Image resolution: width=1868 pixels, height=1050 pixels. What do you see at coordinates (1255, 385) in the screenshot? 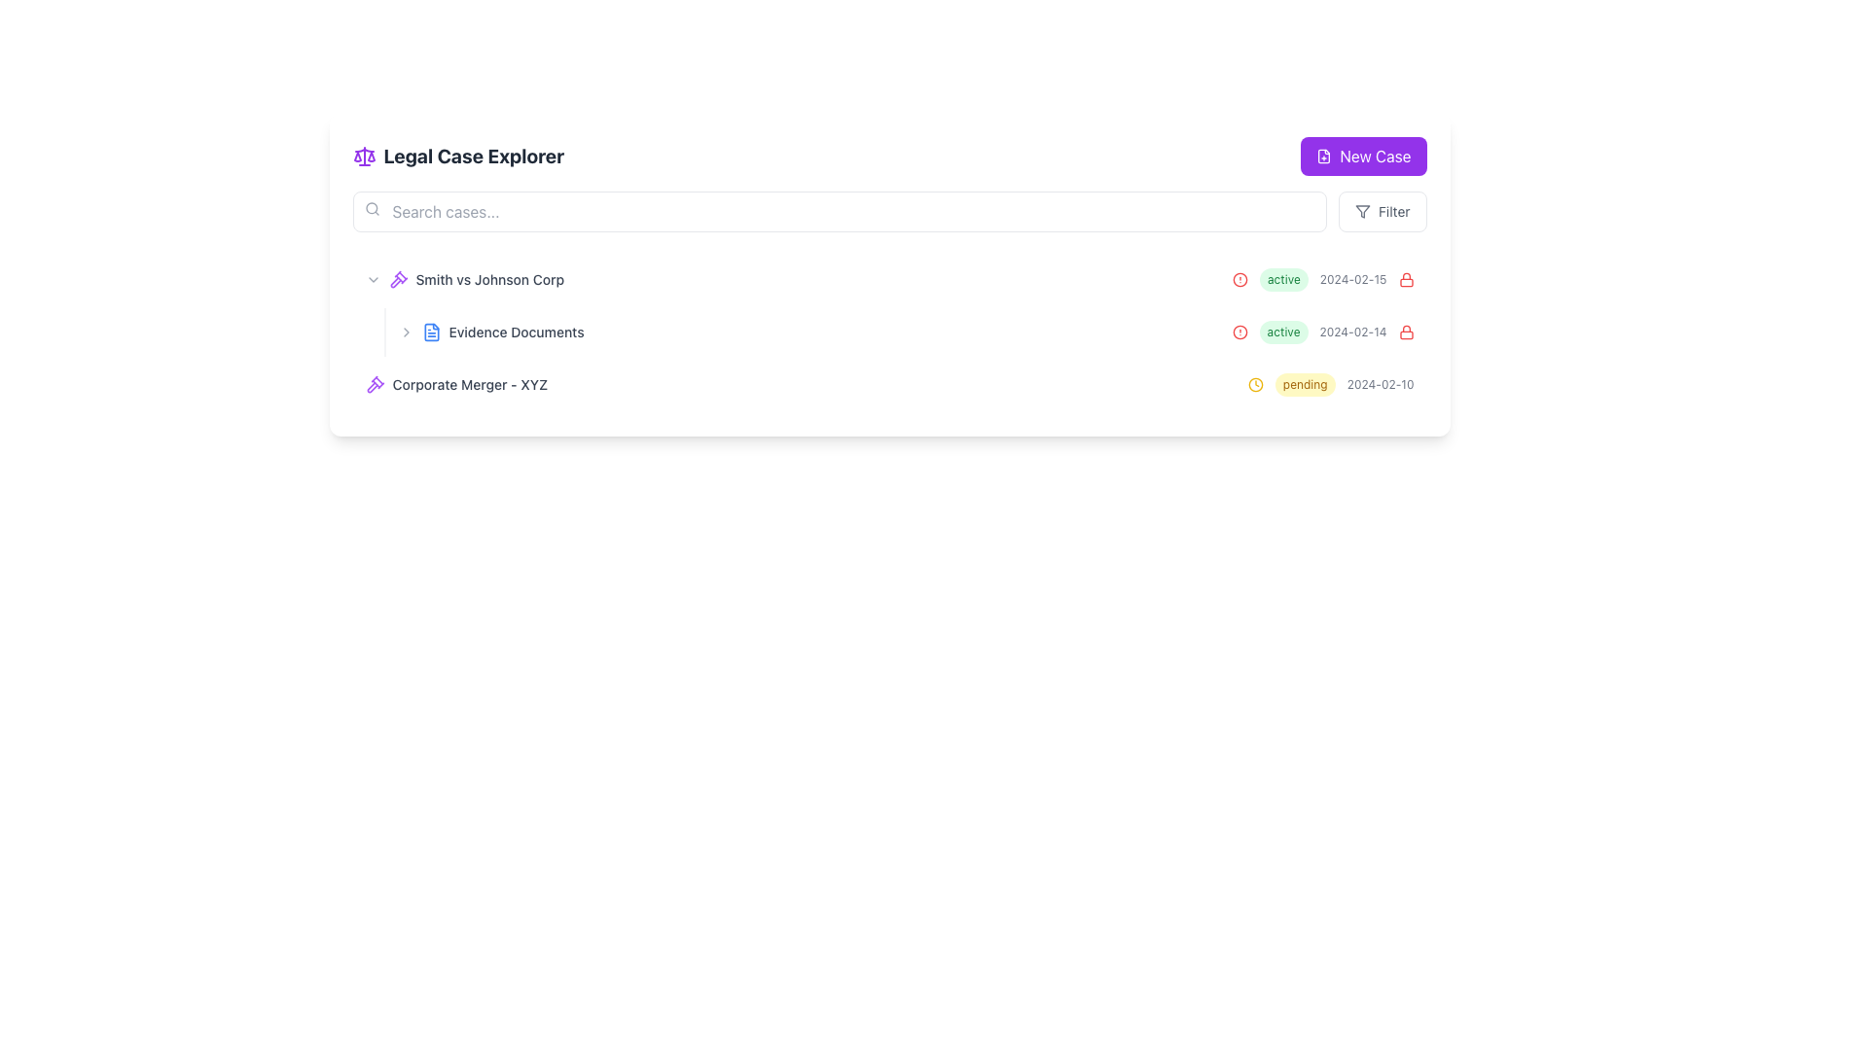
I see `the circular yellow outlined glyph of the SVG clock icon located on the right side of the list entry labeled 'Corporate Merger - XYZ'` at bounding box center [1255, 385].